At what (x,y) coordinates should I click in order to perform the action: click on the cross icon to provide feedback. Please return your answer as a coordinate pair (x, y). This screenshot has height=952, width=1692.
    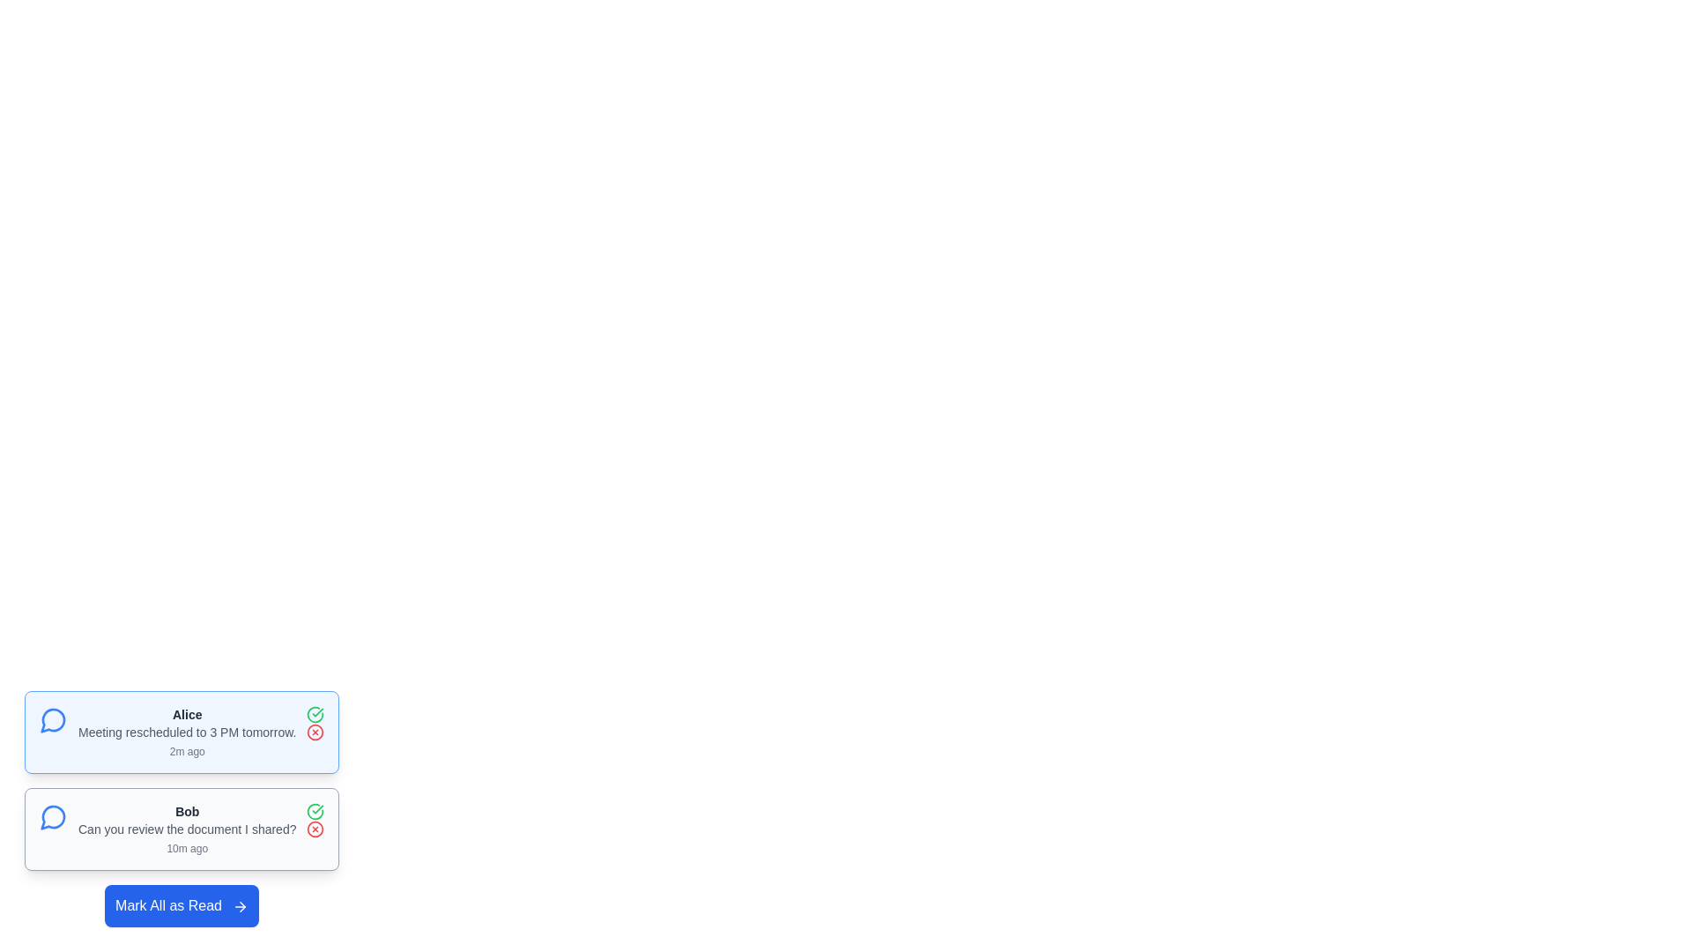
    Looking at the image, I should click on (315, 732).